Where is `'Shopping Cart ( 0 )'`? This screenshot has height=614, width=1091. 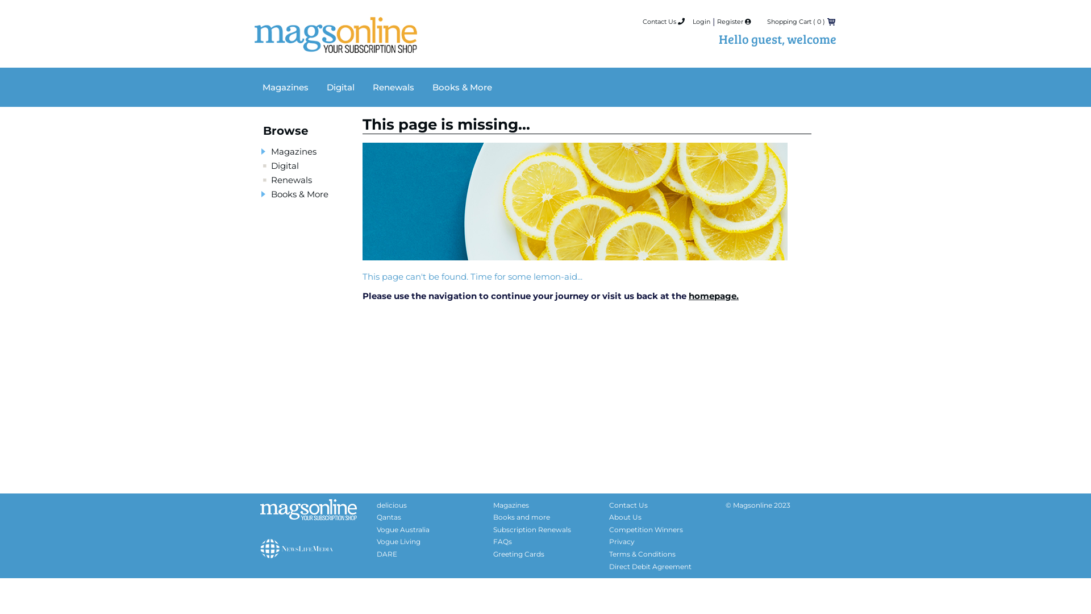
'Shopping Cart ( 0 )' is located at coordinates (767, 22).